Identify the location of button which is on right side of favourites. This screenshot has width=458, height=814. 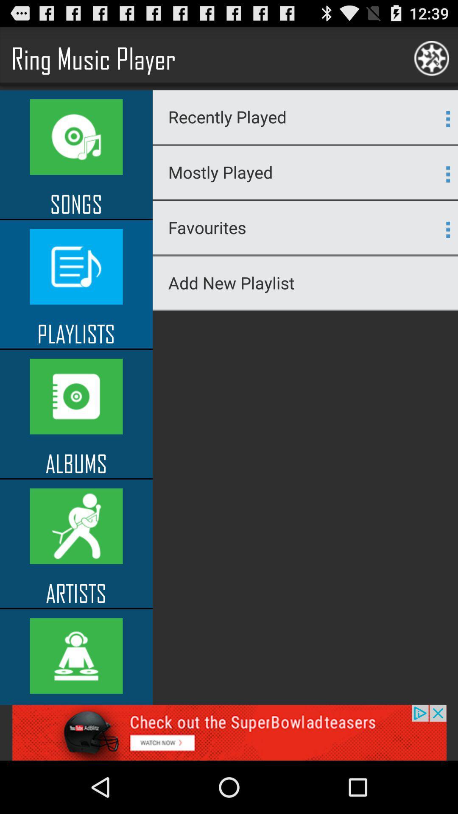
(447, 230).